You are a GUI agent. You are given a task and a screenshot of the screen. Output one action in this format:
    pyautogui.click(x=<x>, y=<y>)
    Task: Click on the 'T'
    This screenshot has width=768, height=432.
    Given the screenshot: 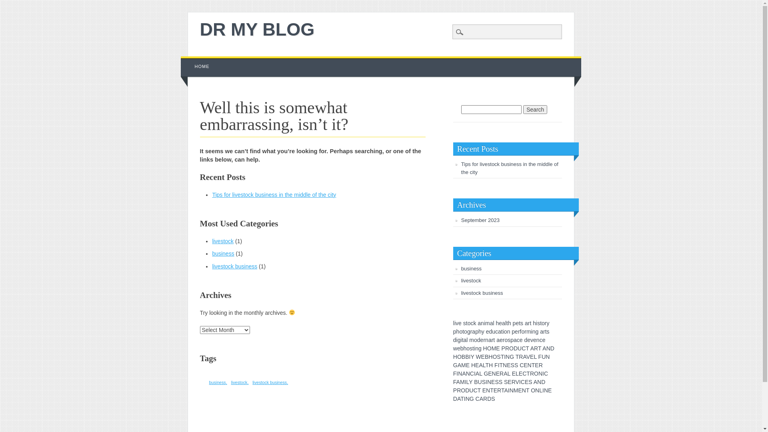 What is the action you would take?
    pyautogui.click(x=502, y=390)
    